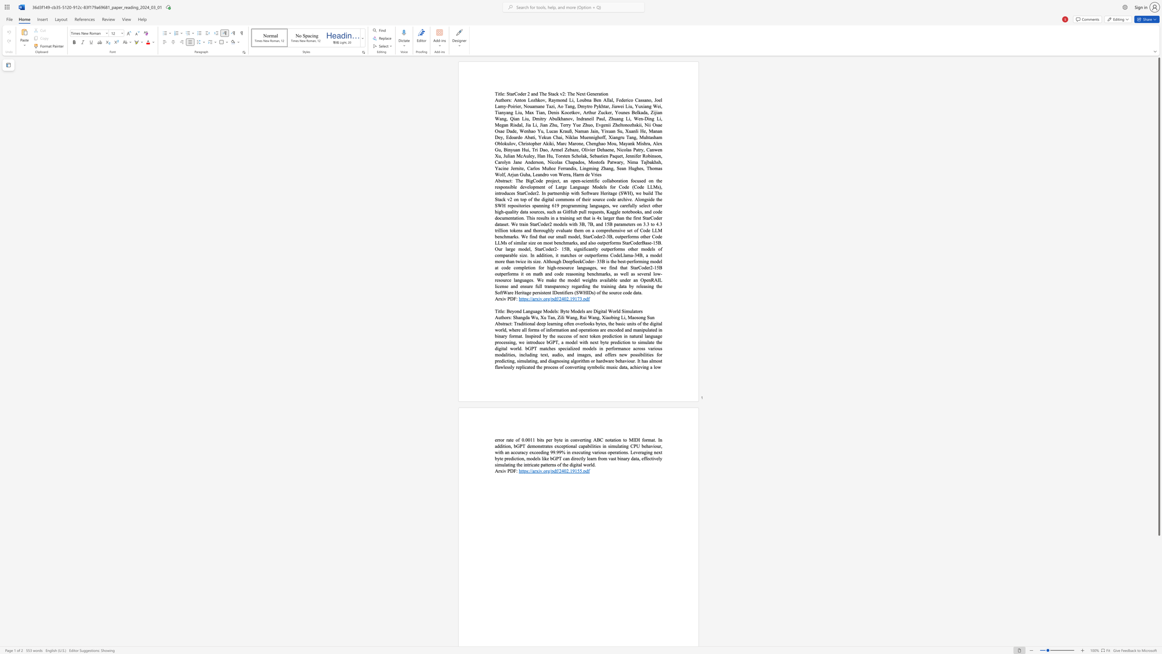 The height and width of the screenshot is (654, 1162). Describe the element at coordinates (617, 317) in the screenshot. I see `the subset text "g Li," within the text "Xiaobing Li,"` at that location.